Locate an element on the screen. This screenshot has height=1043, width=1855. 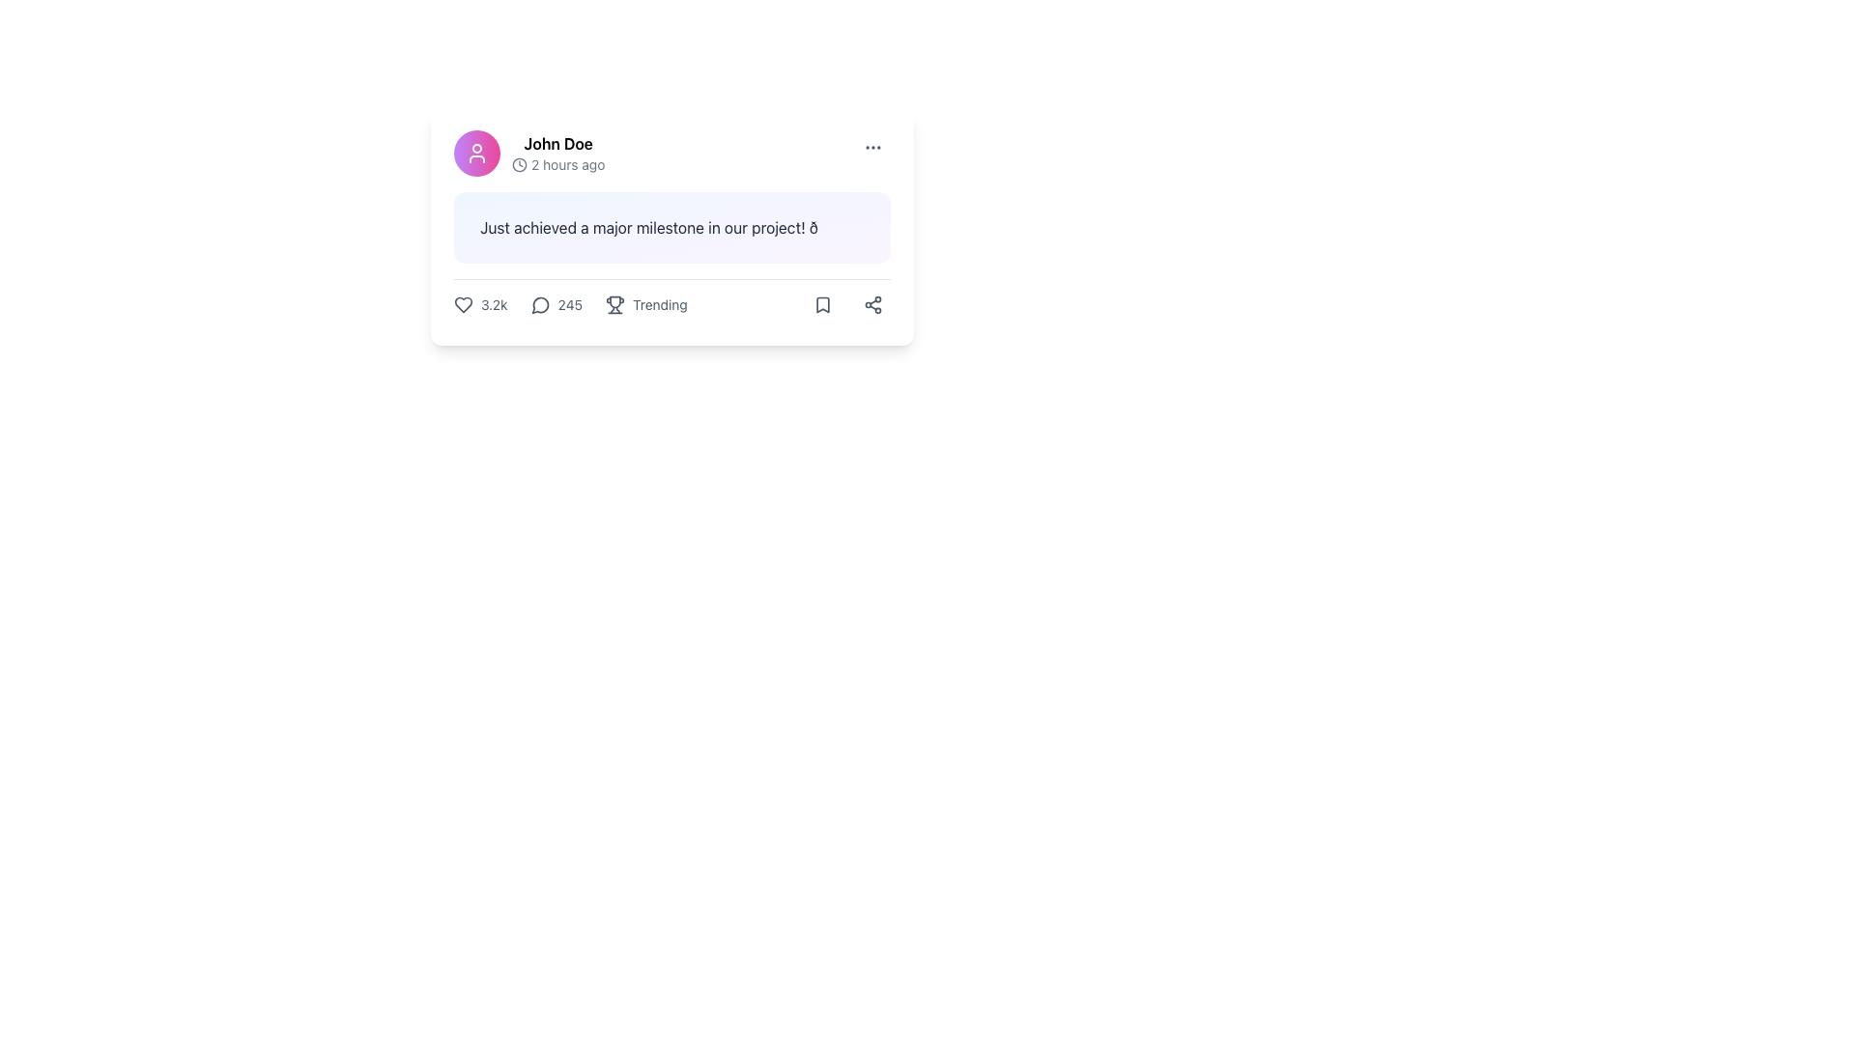
the Avatar icon located to the left of the username 'John Doe' is located at coordinates (477, 152).